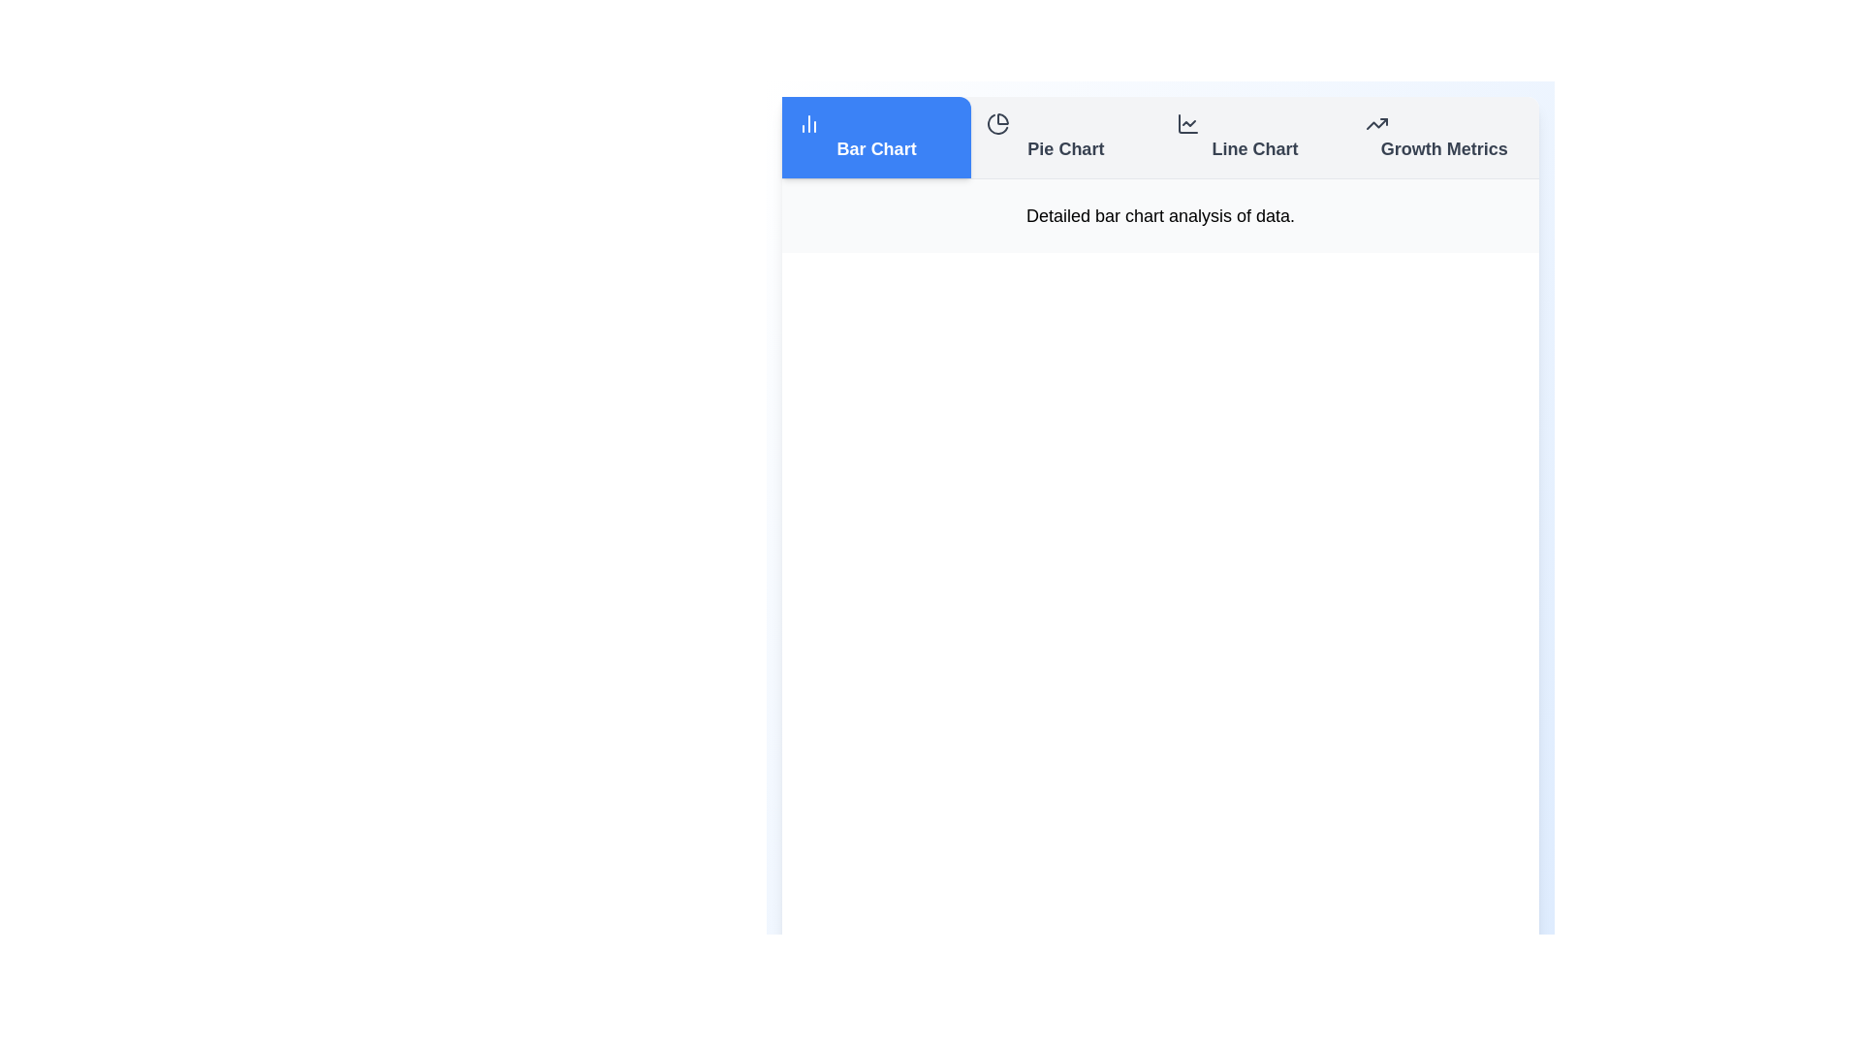 Image resolution: width=1861 pixels, height=1047 pixels. What do you see at coordinates (1064, 137) in the screenshot?
I see `the chart type Pie Chart by clicking the corresponding tab button` at bounding box center [1064, 137].